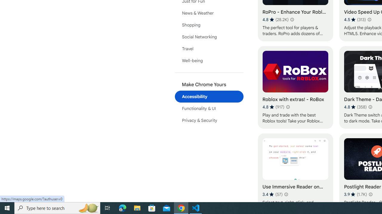 The image size is (382, 214). Describe the element at coordinates (209, 37) in the screenshot. I see `'Social Networking'` at that location.